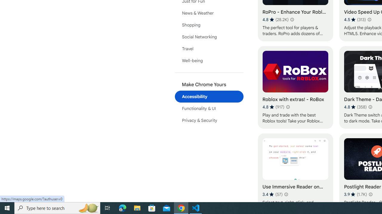 The image size is (382, 214). Describe the element at coordinates (209, 37) in the screenshot. I see `'Social Networking'` at that location.